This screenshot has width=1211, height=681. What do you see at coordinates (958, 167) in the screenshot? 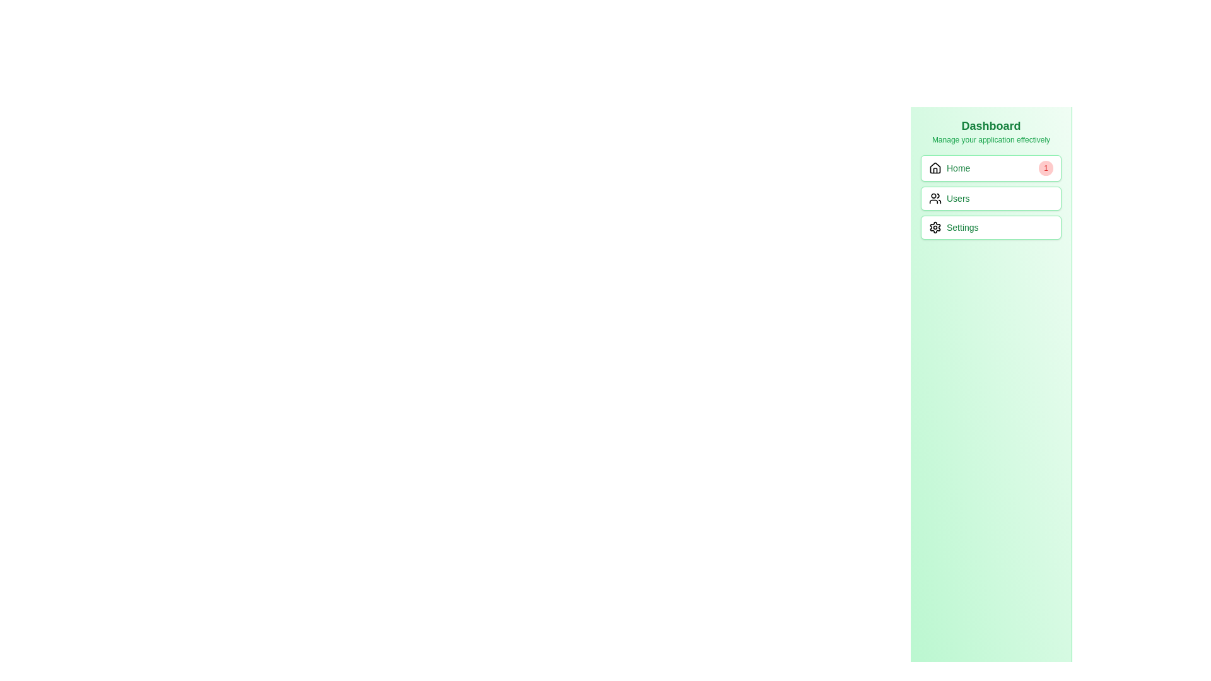
I see `'Home' label indicating the main section of the navigation menu, positioned to the right of the house-shaped icon` at bounding box center [958, 167].